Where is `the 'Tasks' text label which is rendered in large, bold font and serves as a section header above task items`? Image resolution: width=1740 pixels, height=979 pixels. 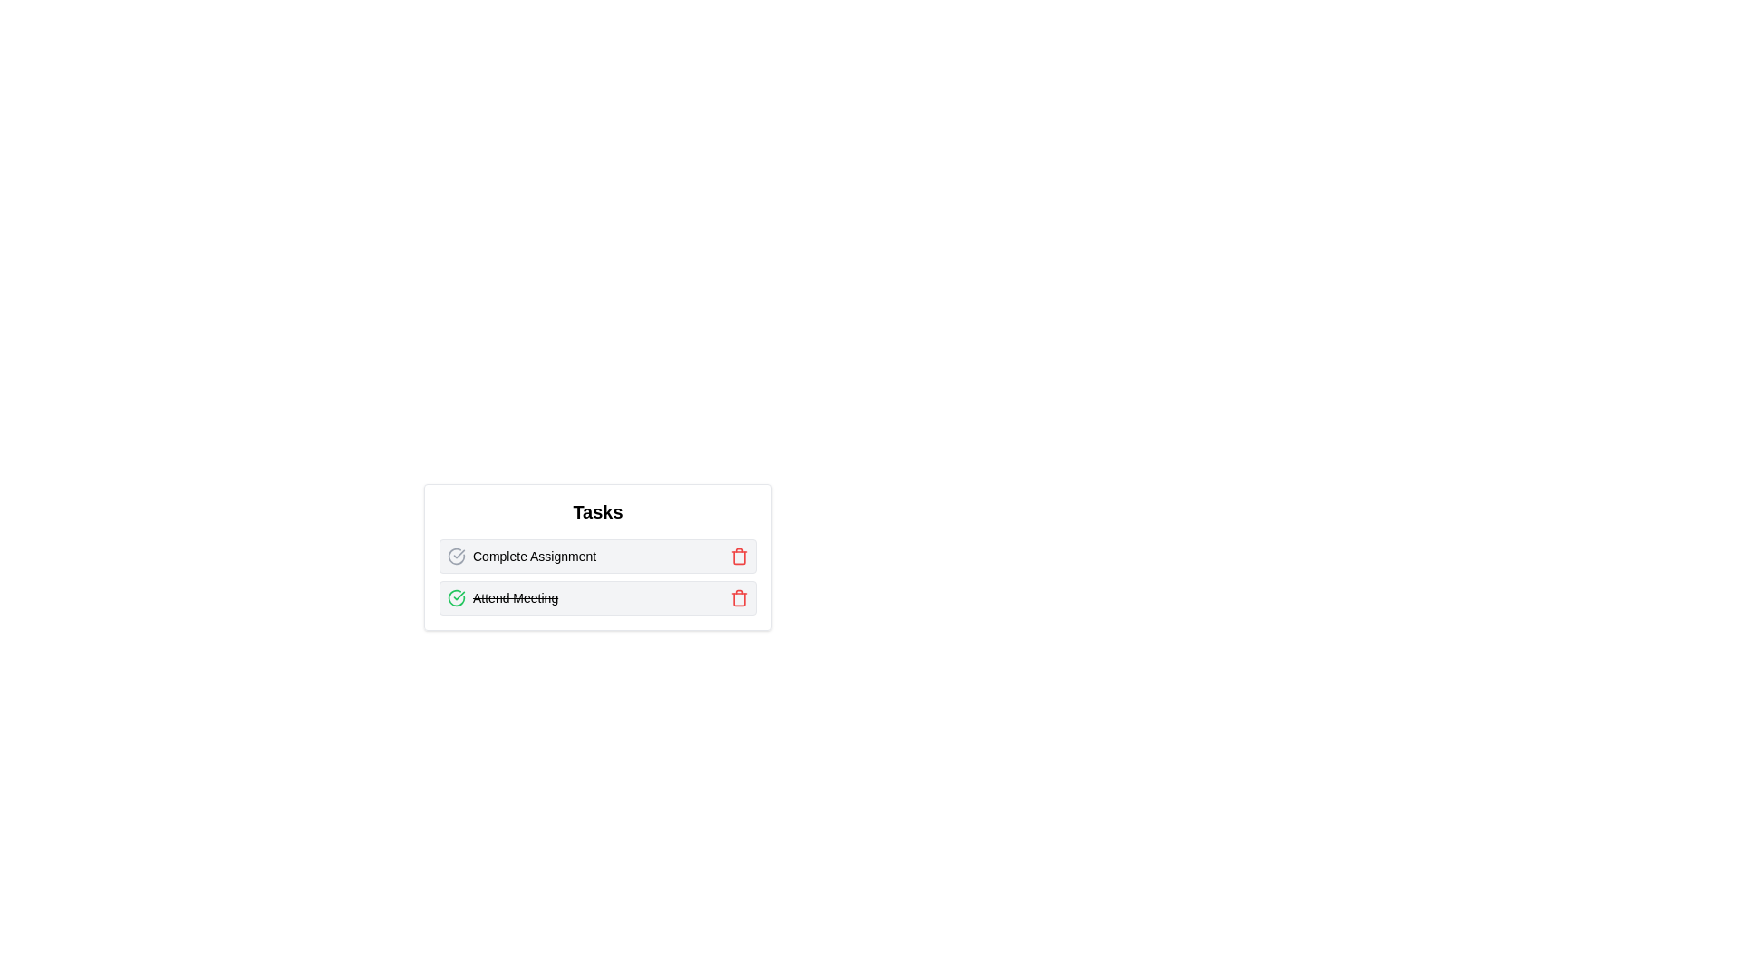 the 'Tasks' text label which is rendered in large, bold font and serves as a section header above task items is located at coordinates (598, 511).